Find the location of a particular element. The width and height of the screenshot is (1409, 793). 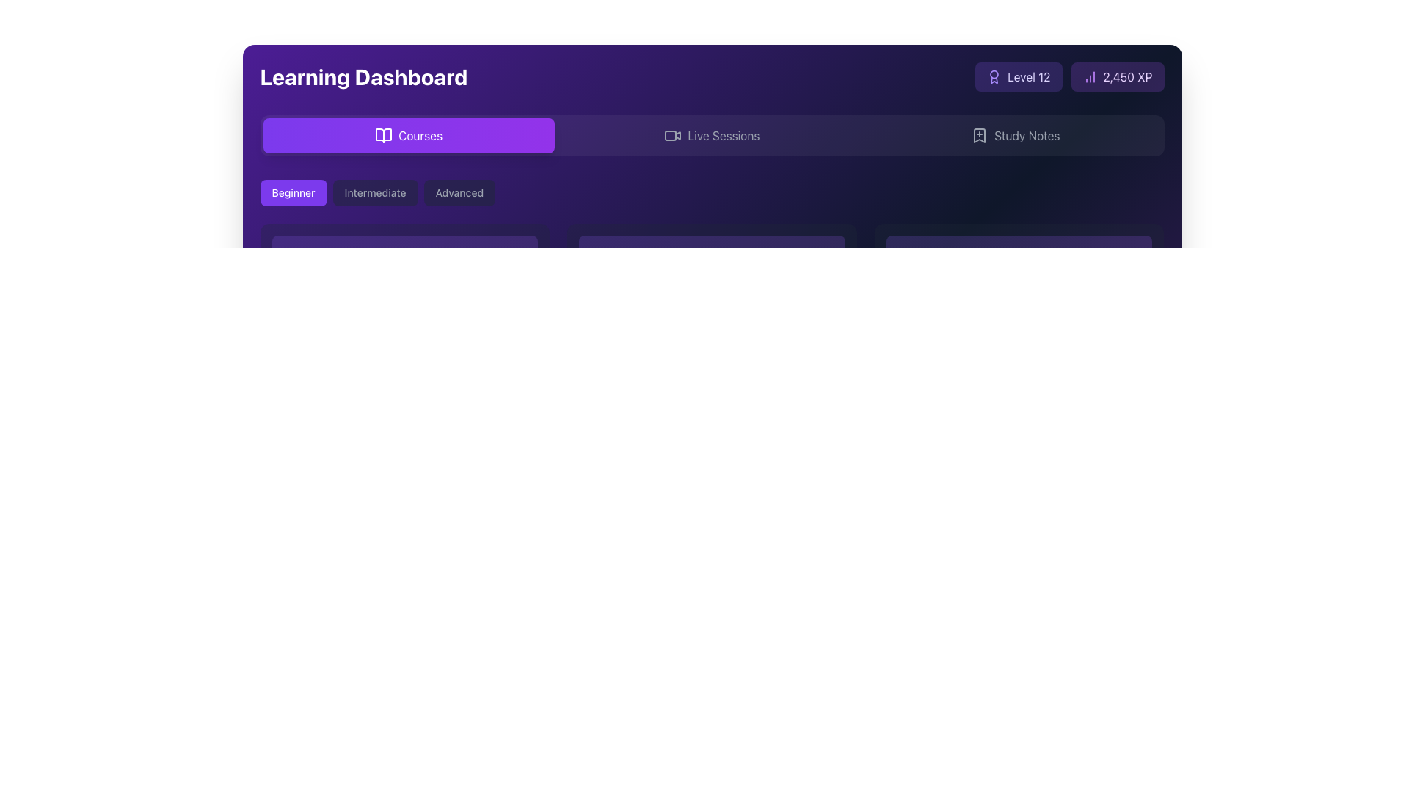

text label displaying the user's current experience points (XP) located in the top-right corner of the interface is located at coordinates (1126, 76).